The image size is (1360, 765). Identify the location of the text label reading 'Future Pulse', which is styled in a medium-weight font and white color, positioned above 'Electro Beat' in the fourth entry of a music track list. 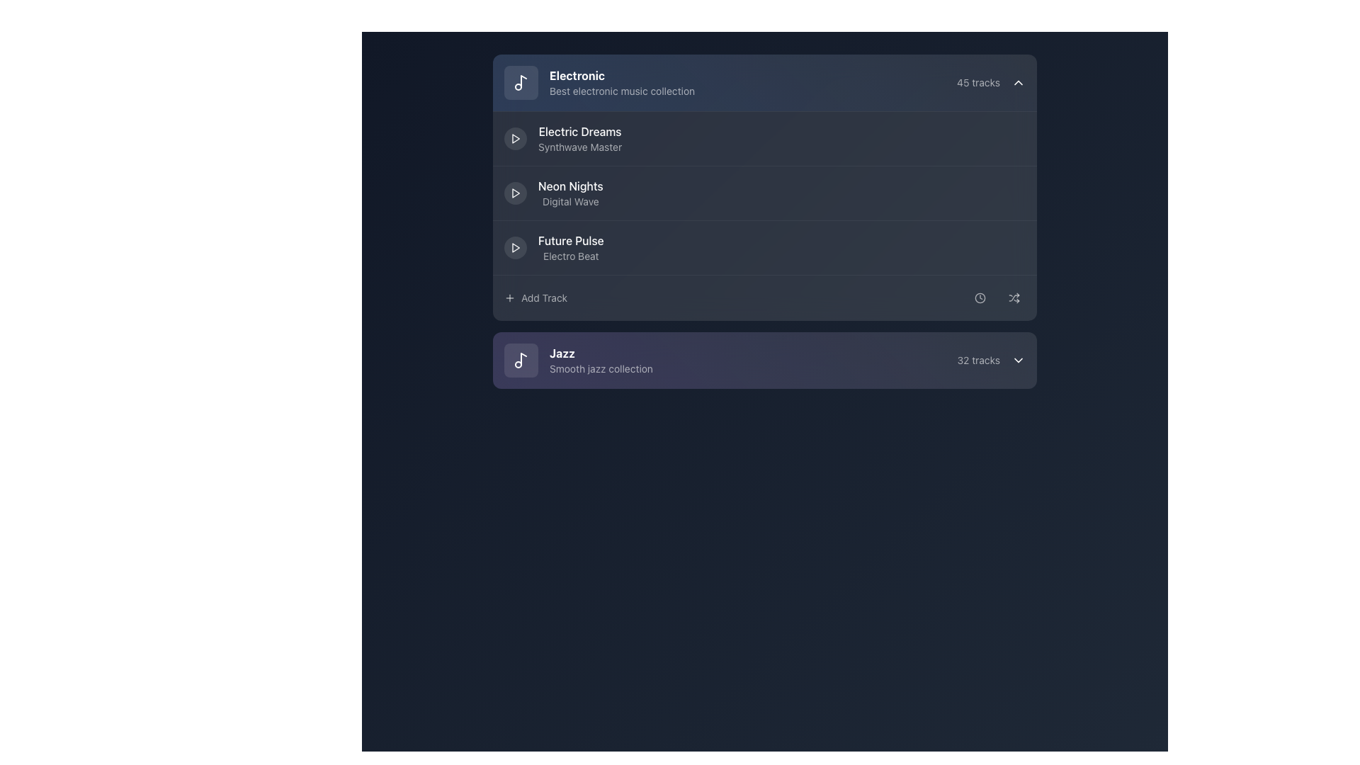
(571, 239).